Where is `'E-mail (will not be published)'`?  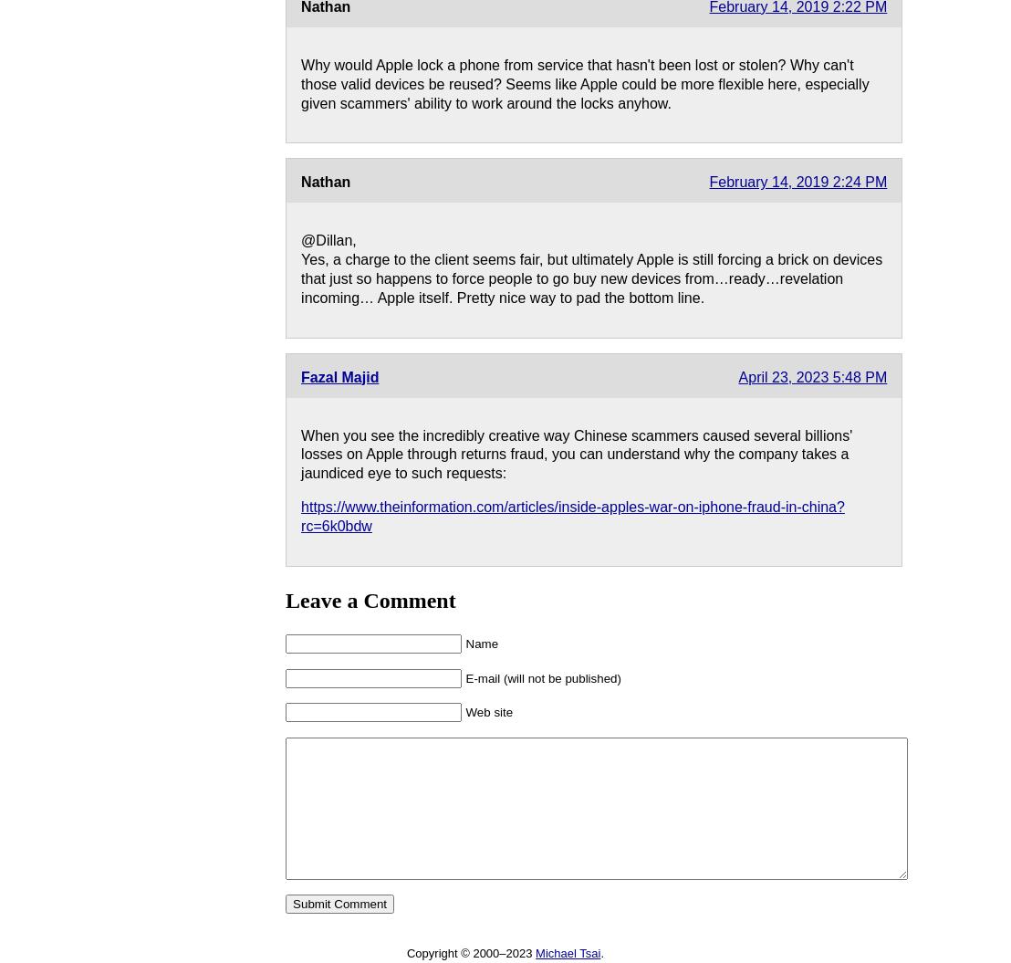 'E-mail (will not be published)' is located at coordinates (542, 677).